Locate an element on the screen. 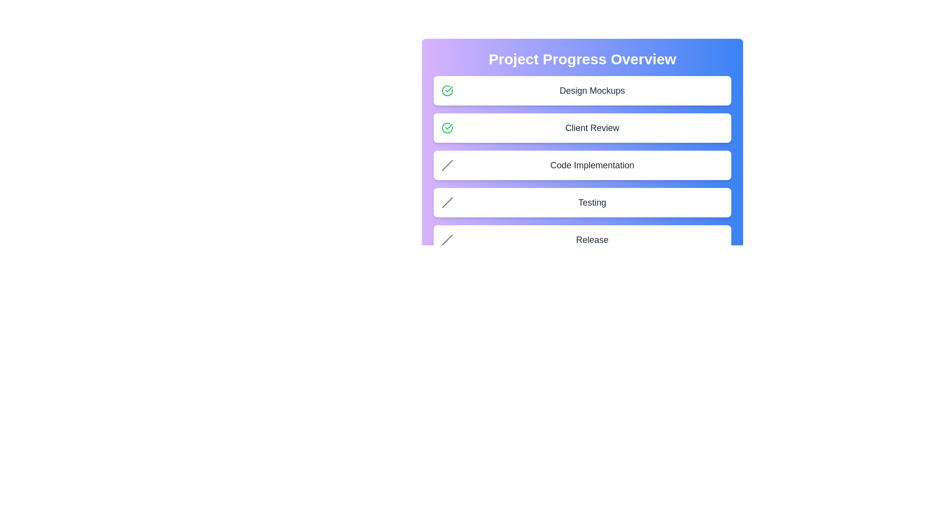 Image resolution: width=943 pixels, height=530 pixels. the slash icon located next to the 'Code Implementation' text label in the third list item of the interface is located at coordinates (447, 164).